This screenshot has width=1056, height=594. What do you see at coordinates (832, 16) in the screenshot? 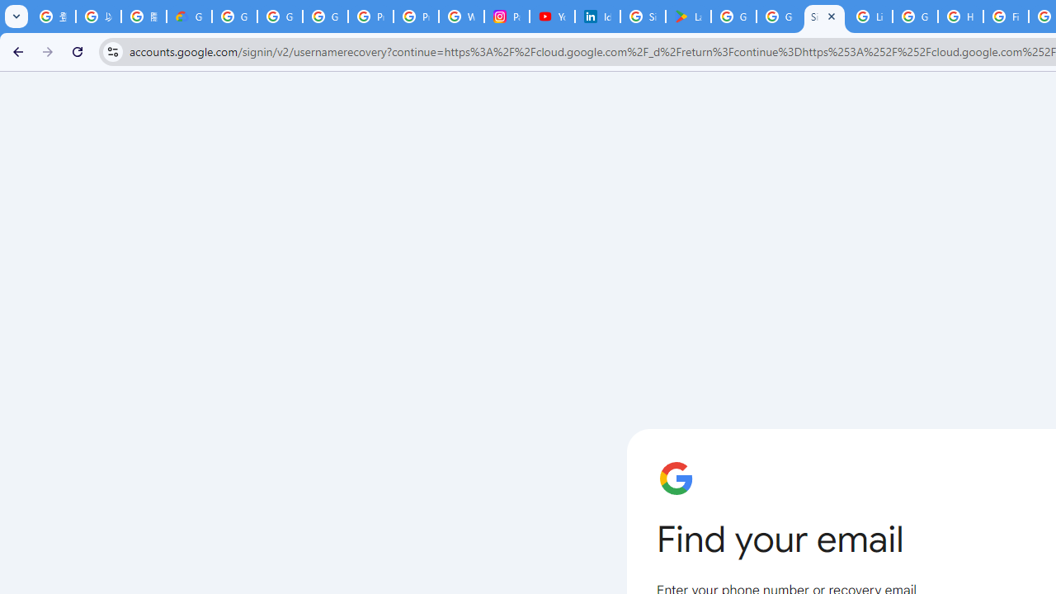
I see `'Close'` at bounding box center [832, 16].